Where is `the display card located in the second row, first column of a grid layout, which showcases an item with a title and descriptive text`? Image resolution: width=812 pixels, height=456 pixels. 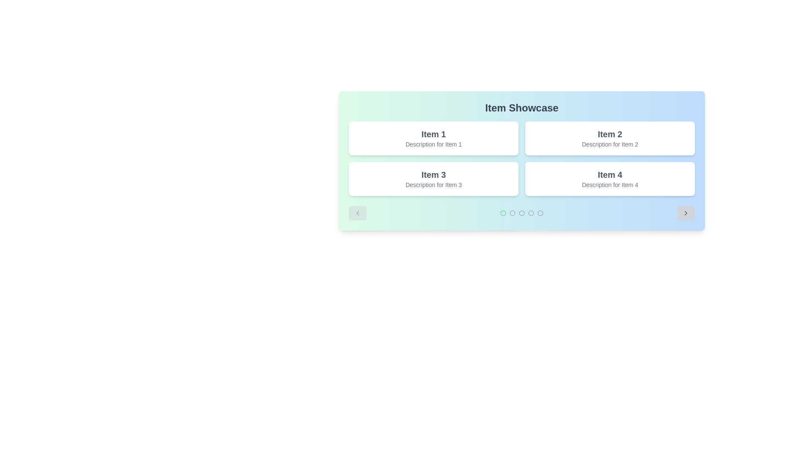 the display card located in the second row, first column of a grid layout, which showcases an item with a title and descriptive text is located at coordinates (433, 179).